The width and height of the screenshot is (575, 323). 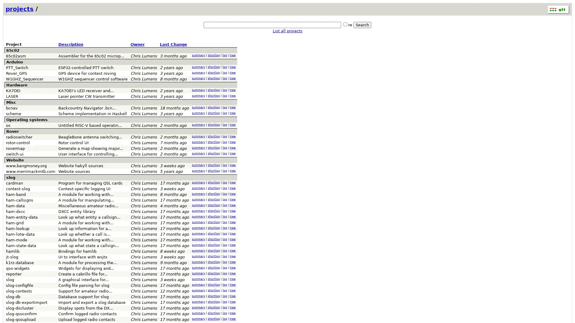 I want to click on Search, so click(x=362, y=25).